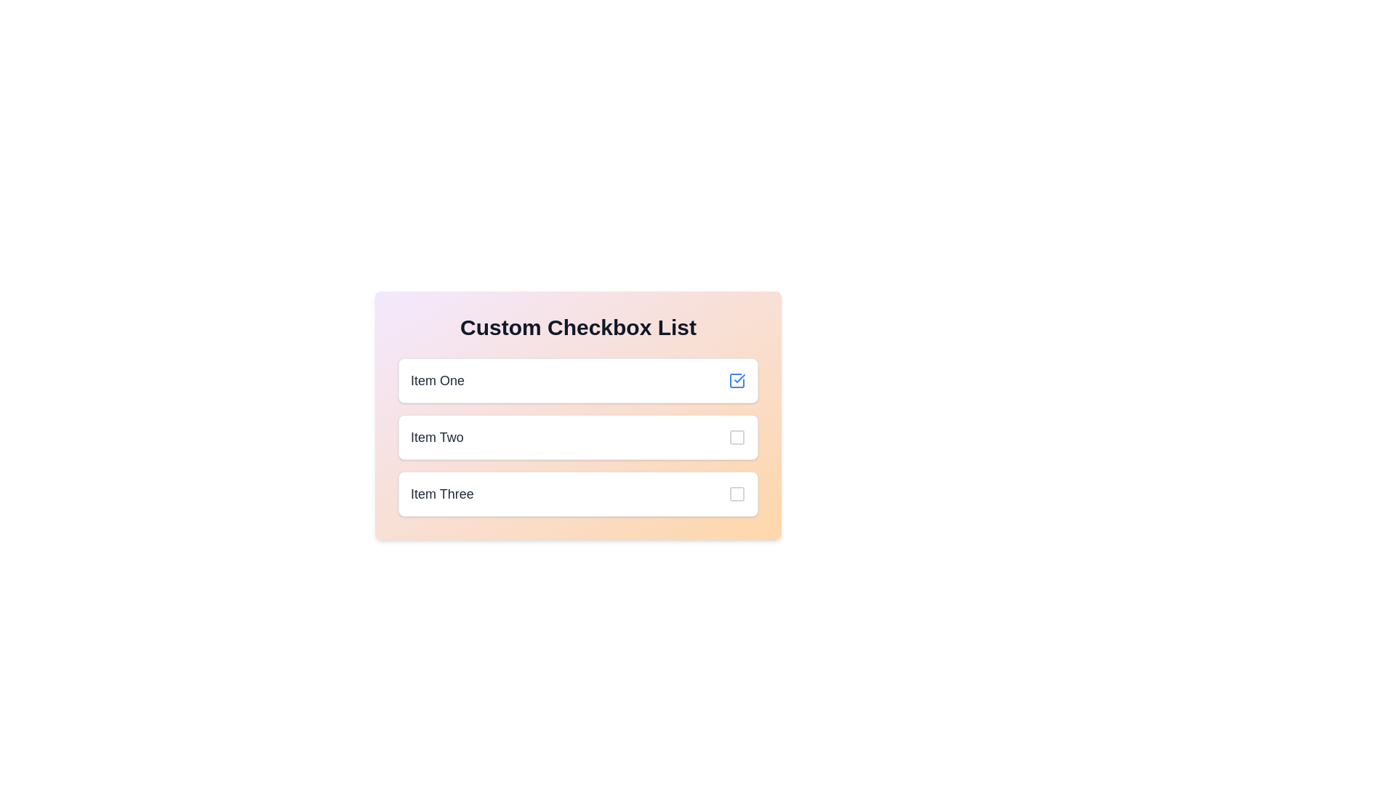 The width and height of the screenshot is (1396, 785). Describe the element at coordinates (577, 493) in the screenshot. I see `the checkbox for Item Three` at that location.